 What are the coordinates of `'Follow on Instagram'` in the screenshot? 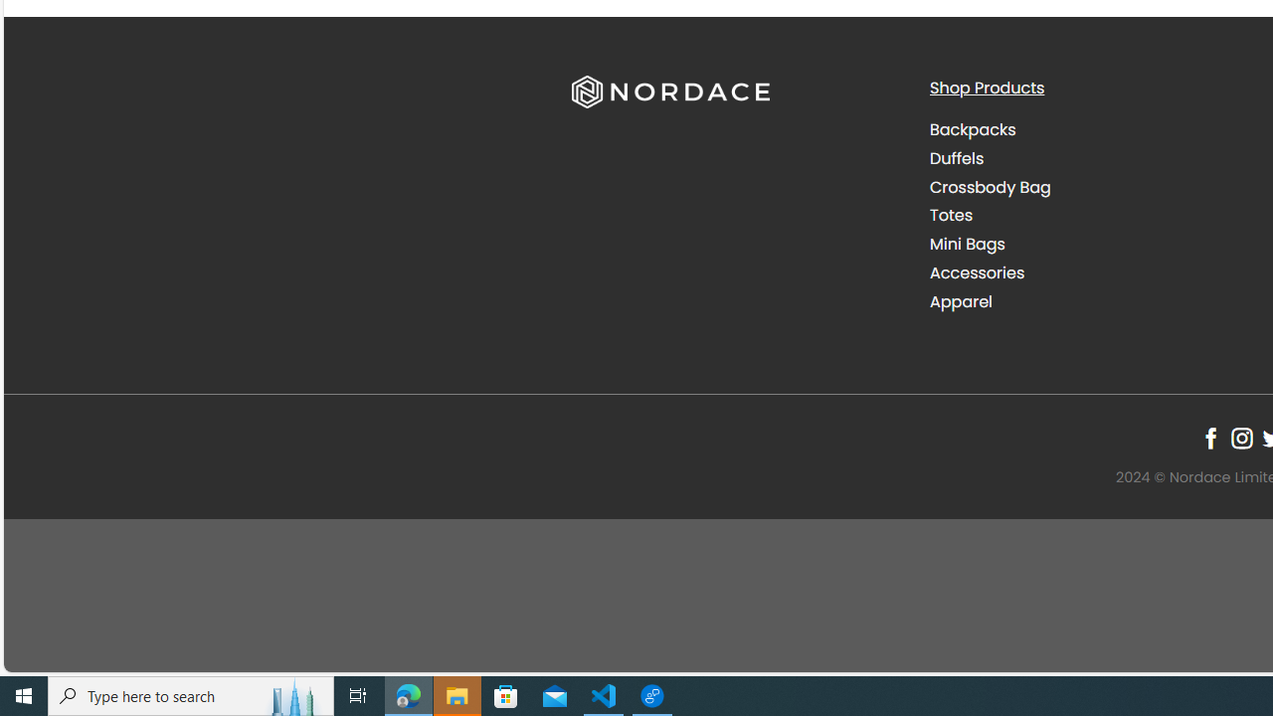 It's located at (1240, 438).